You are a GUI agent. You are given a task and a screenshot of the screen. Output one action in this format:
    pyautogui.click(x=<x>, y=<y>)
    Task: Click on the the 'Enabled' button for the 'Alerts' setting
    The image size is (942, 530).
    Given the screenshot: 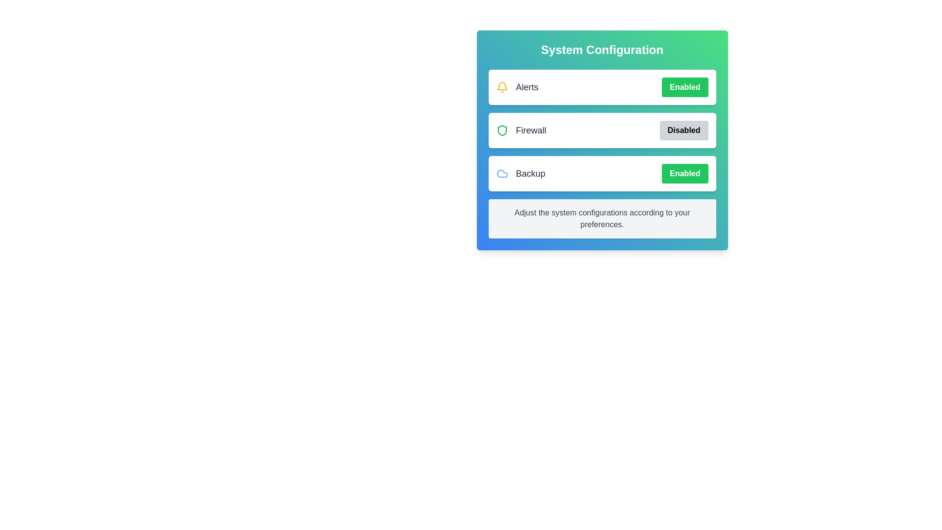 What is the action you would take?
    pyautogui.click(x=684, y=86)
    